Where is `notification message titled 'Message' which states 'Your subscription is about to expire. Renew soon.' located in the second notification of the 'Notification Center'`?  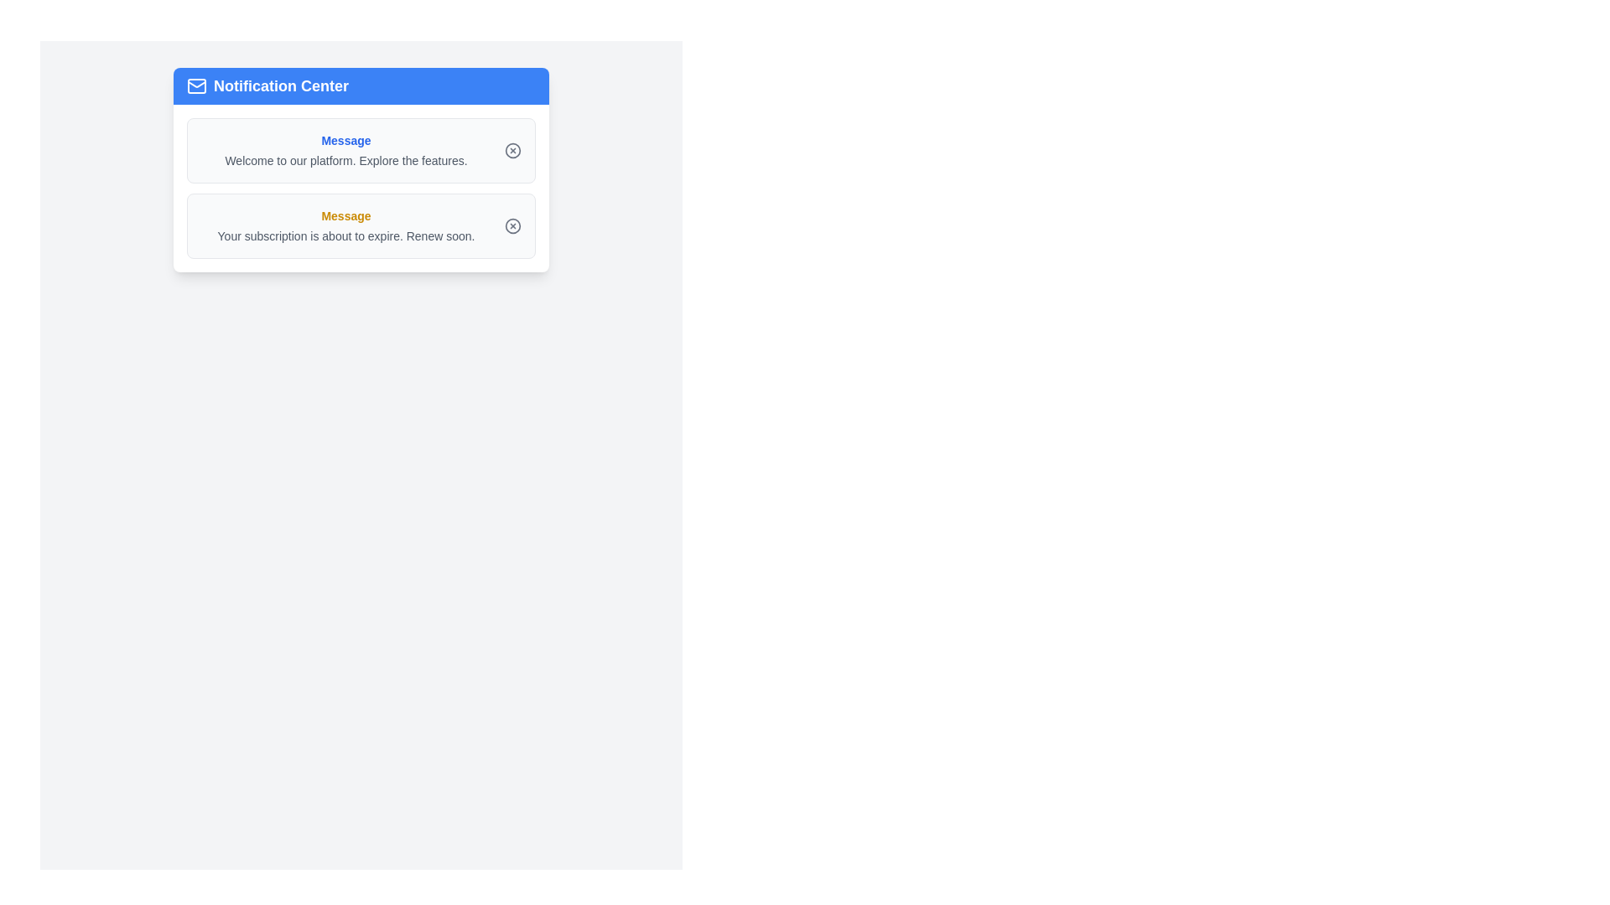
notification message titled 'Message' which states 'Your subscription is about to expire. Renew soon.' located in the second notification of the 'Notification Center' is located at coordinates (345, 226).